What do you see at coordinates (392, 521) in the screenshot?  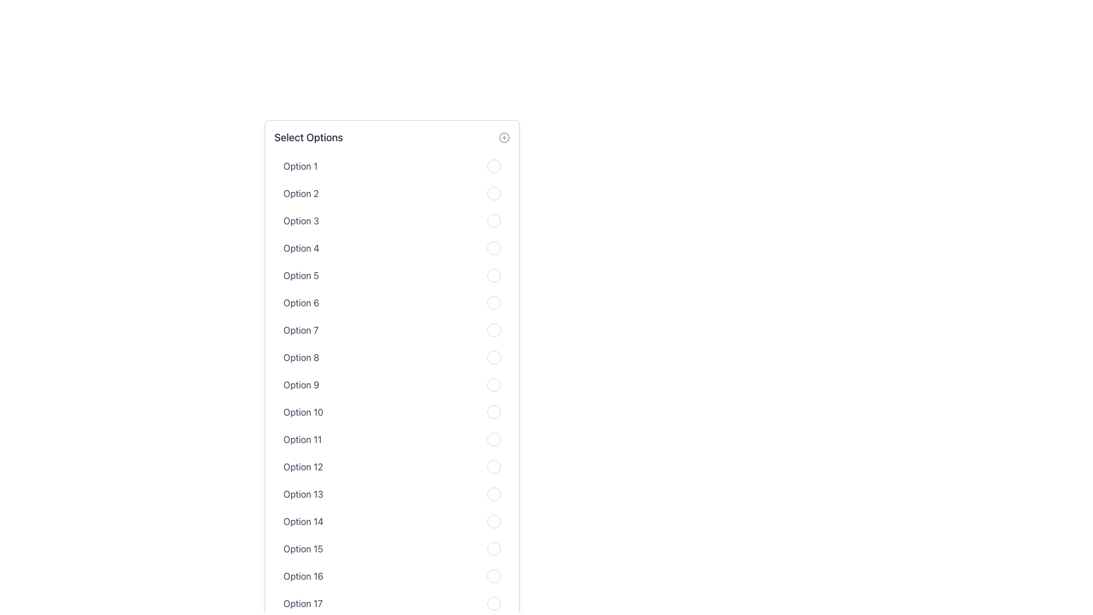 I see `the circular radio button for 'Option 14'` at bounding box center [392, 521].